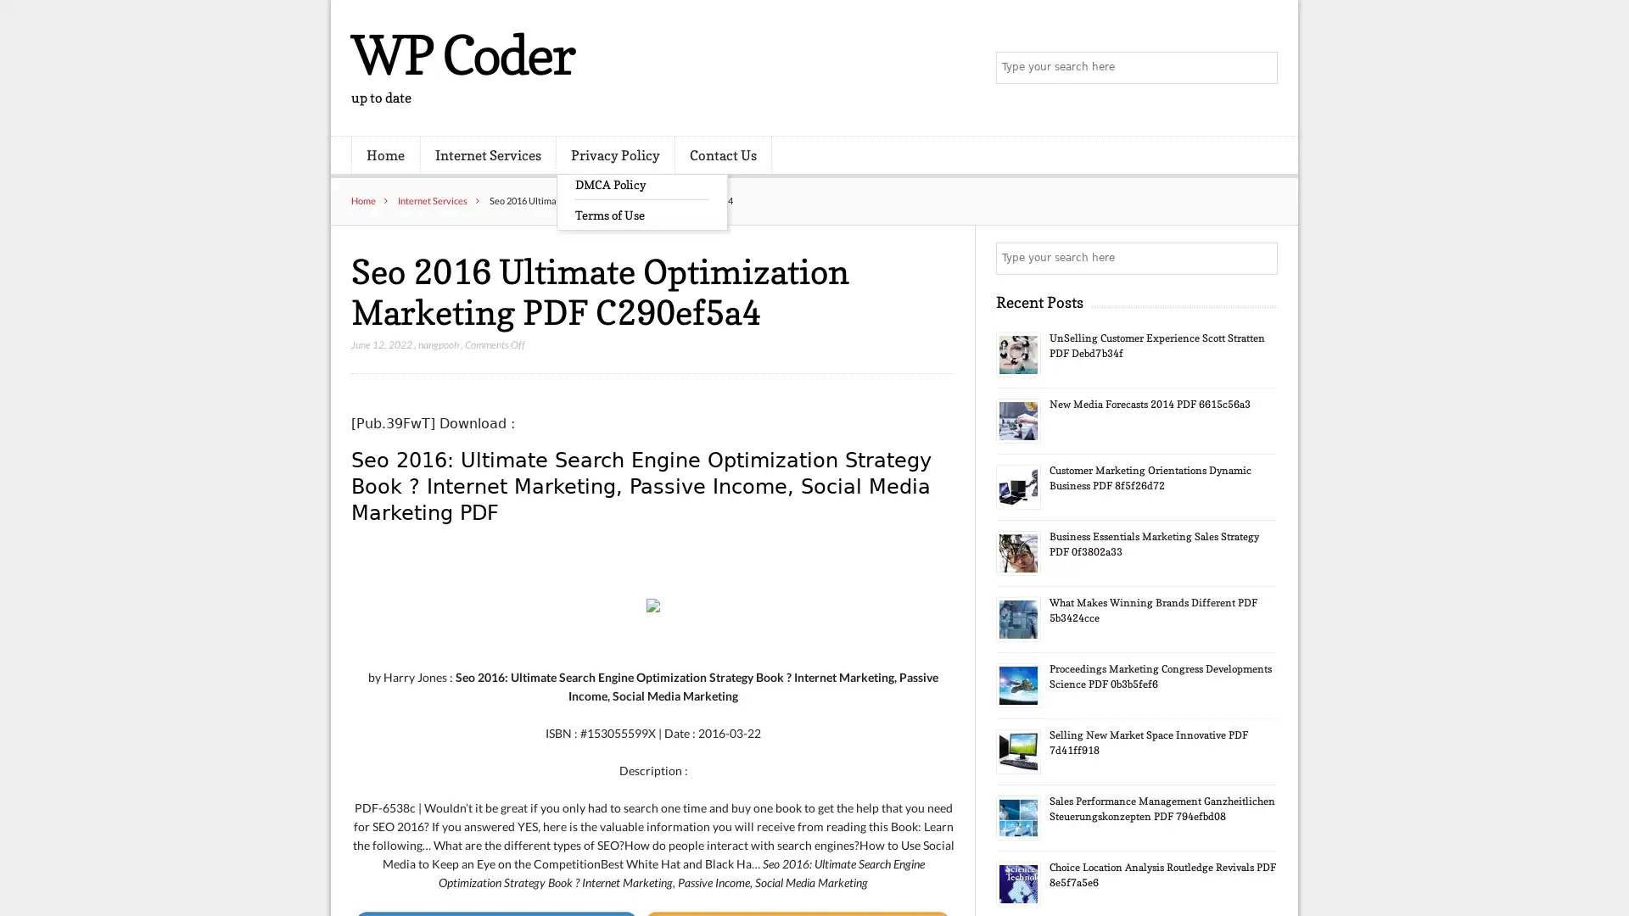 This screenshot has width=1629, height=916. I want to click on Search, so click(1260, 68).